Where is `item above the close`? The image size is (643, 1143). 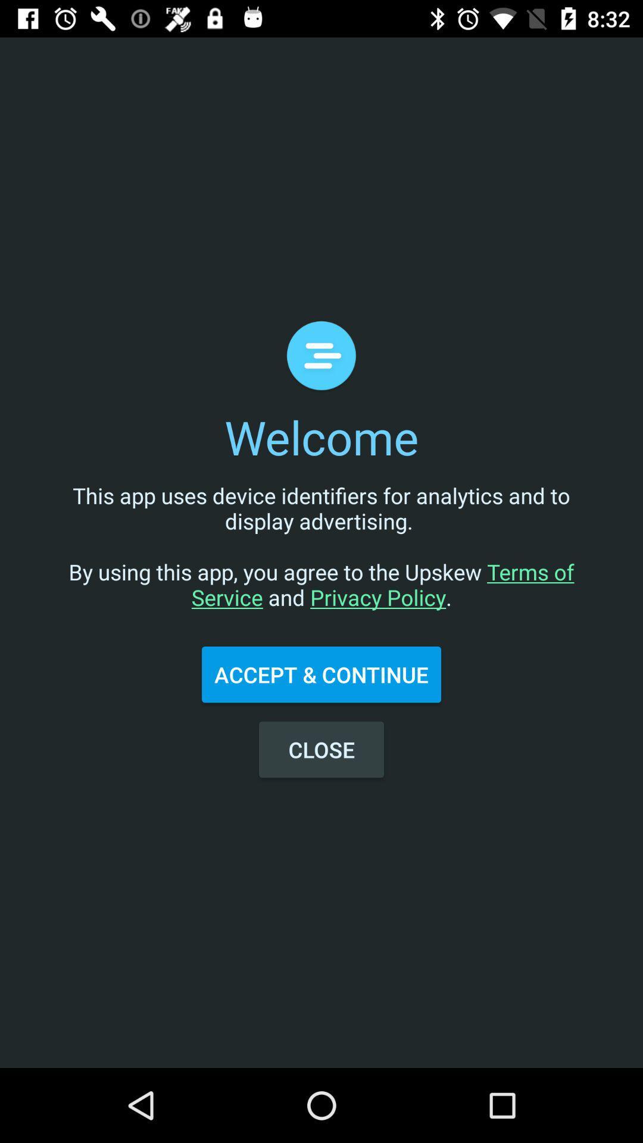 item above the close is located at coordinates (321, 674).